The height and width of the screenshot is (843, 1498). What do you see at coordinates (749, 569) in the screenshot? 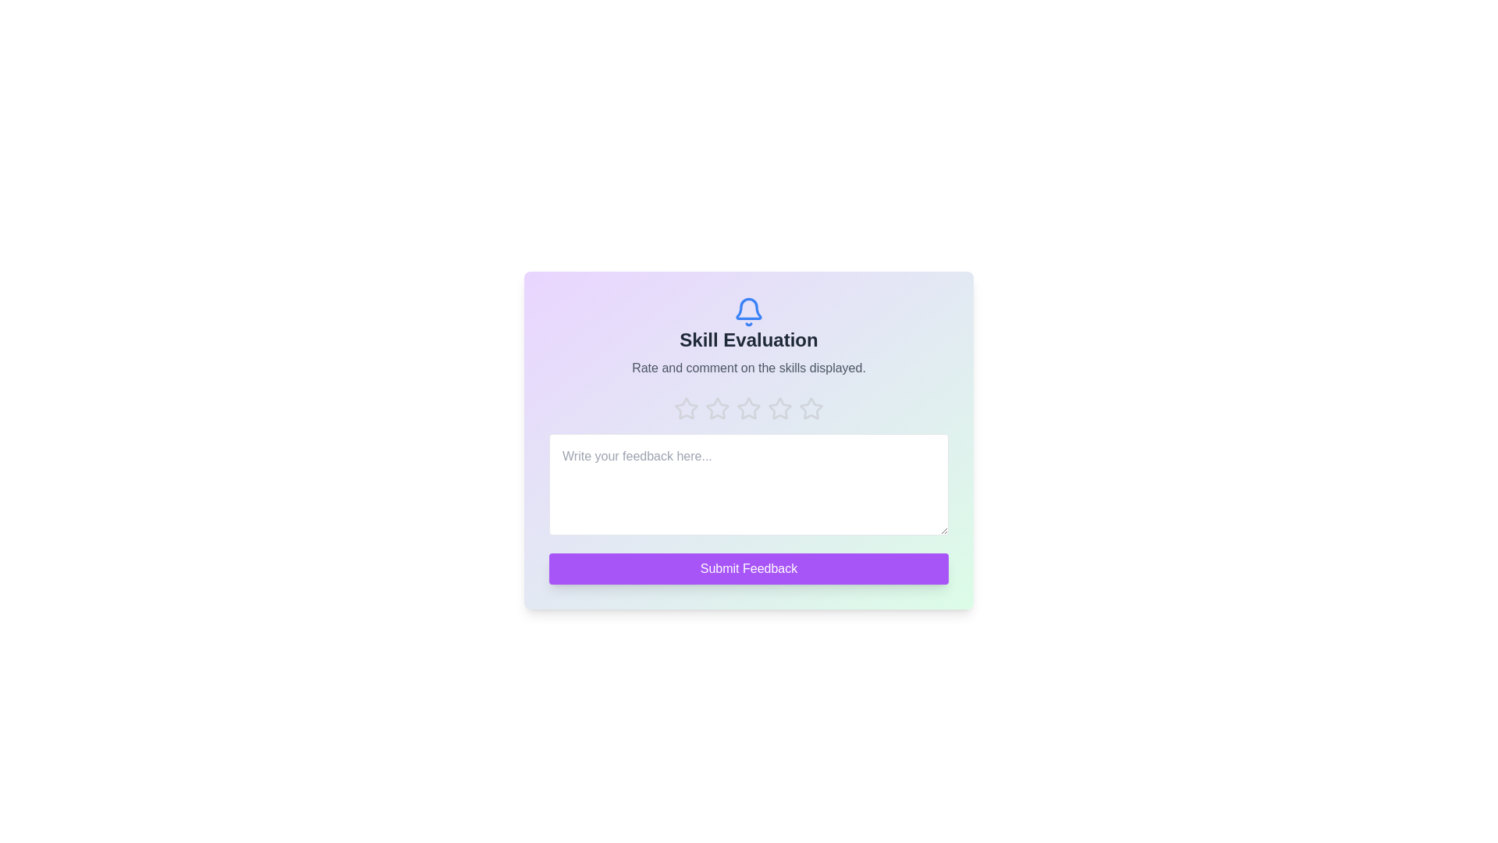
I see `submit button to submit the feedback` at bounding box center [749, 569].